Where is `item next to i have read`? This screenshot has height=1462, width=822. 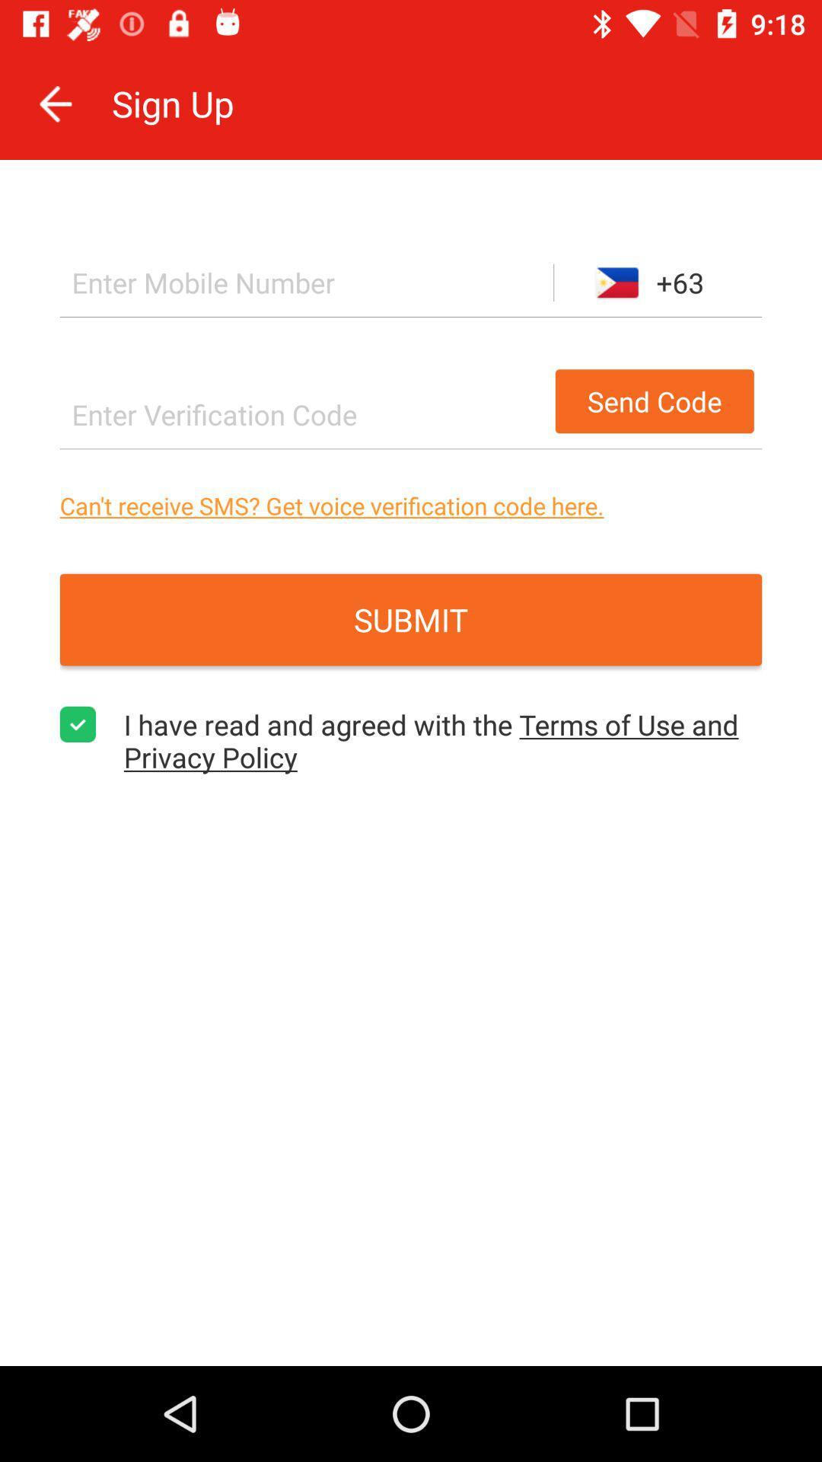 item next to i have read is located at coordinates (78, 723).